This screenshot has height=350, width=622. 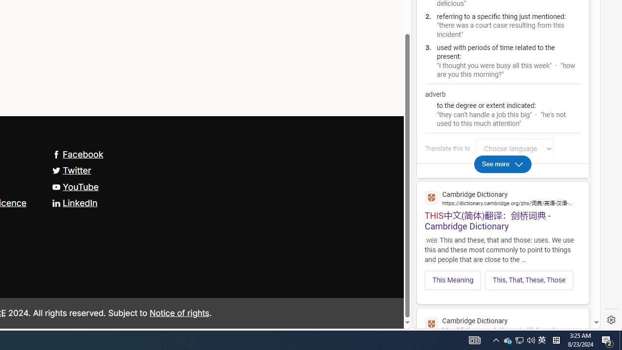 I want to click on 'See more', so click(x=502, y=163).